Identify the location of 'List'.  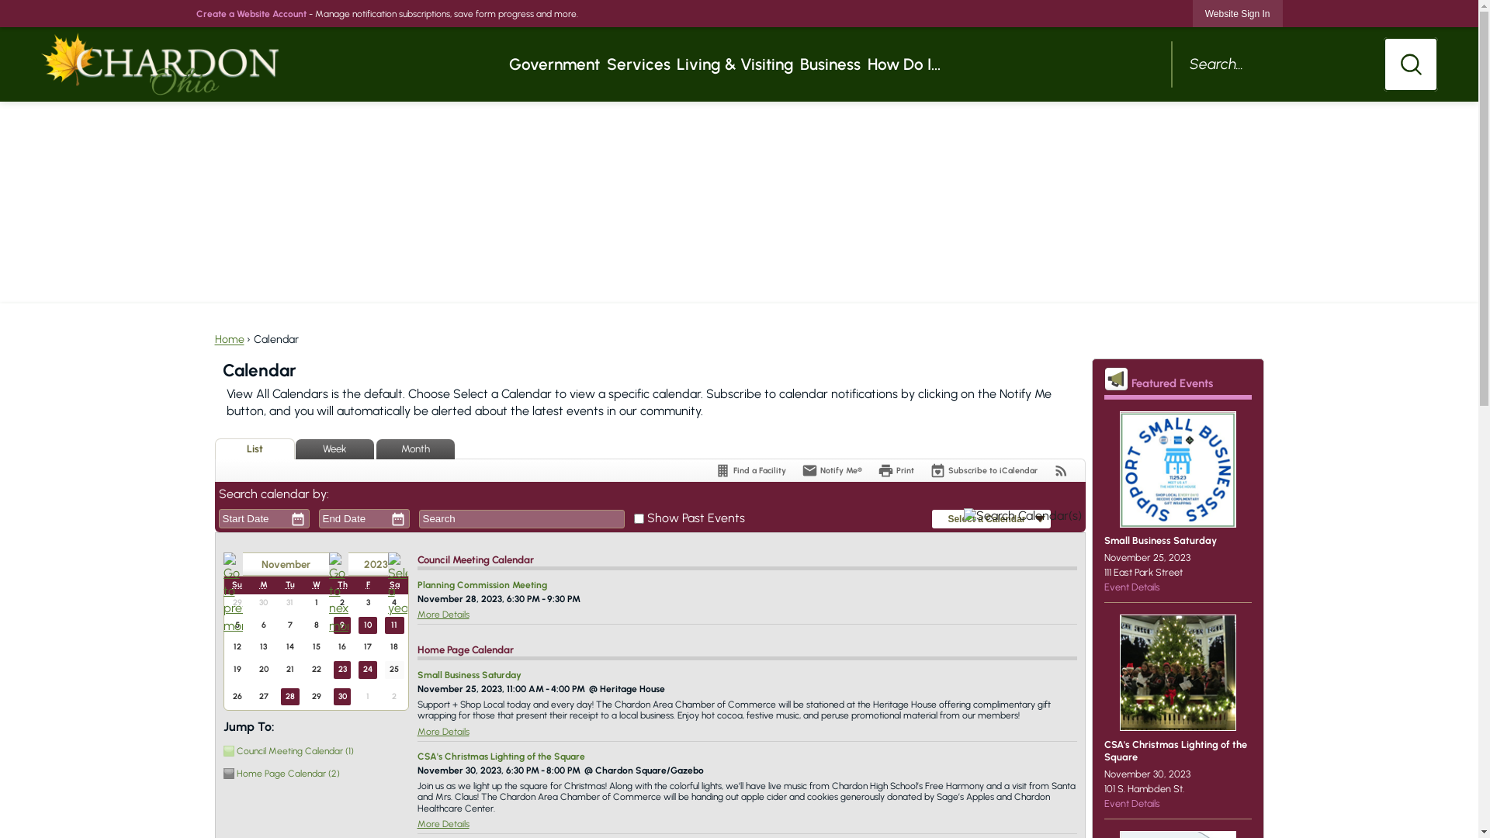
(254, 448).